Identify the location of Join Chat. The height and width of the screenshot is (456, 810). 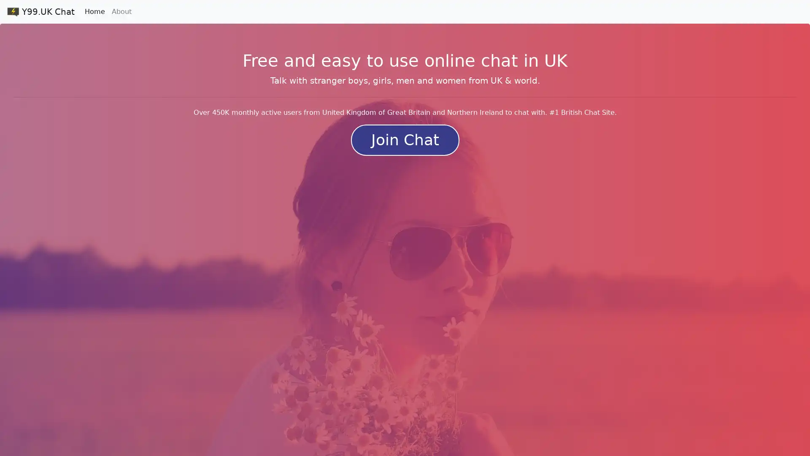
(404, 139).